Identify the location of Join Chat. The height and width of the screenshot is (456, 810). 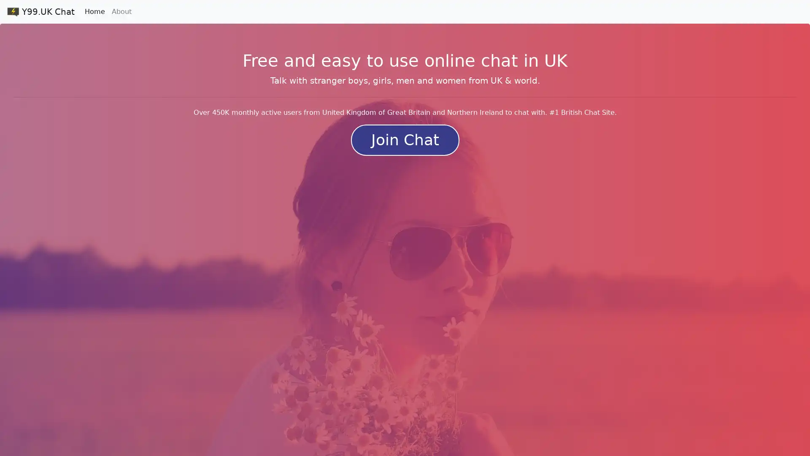
(404, 139).